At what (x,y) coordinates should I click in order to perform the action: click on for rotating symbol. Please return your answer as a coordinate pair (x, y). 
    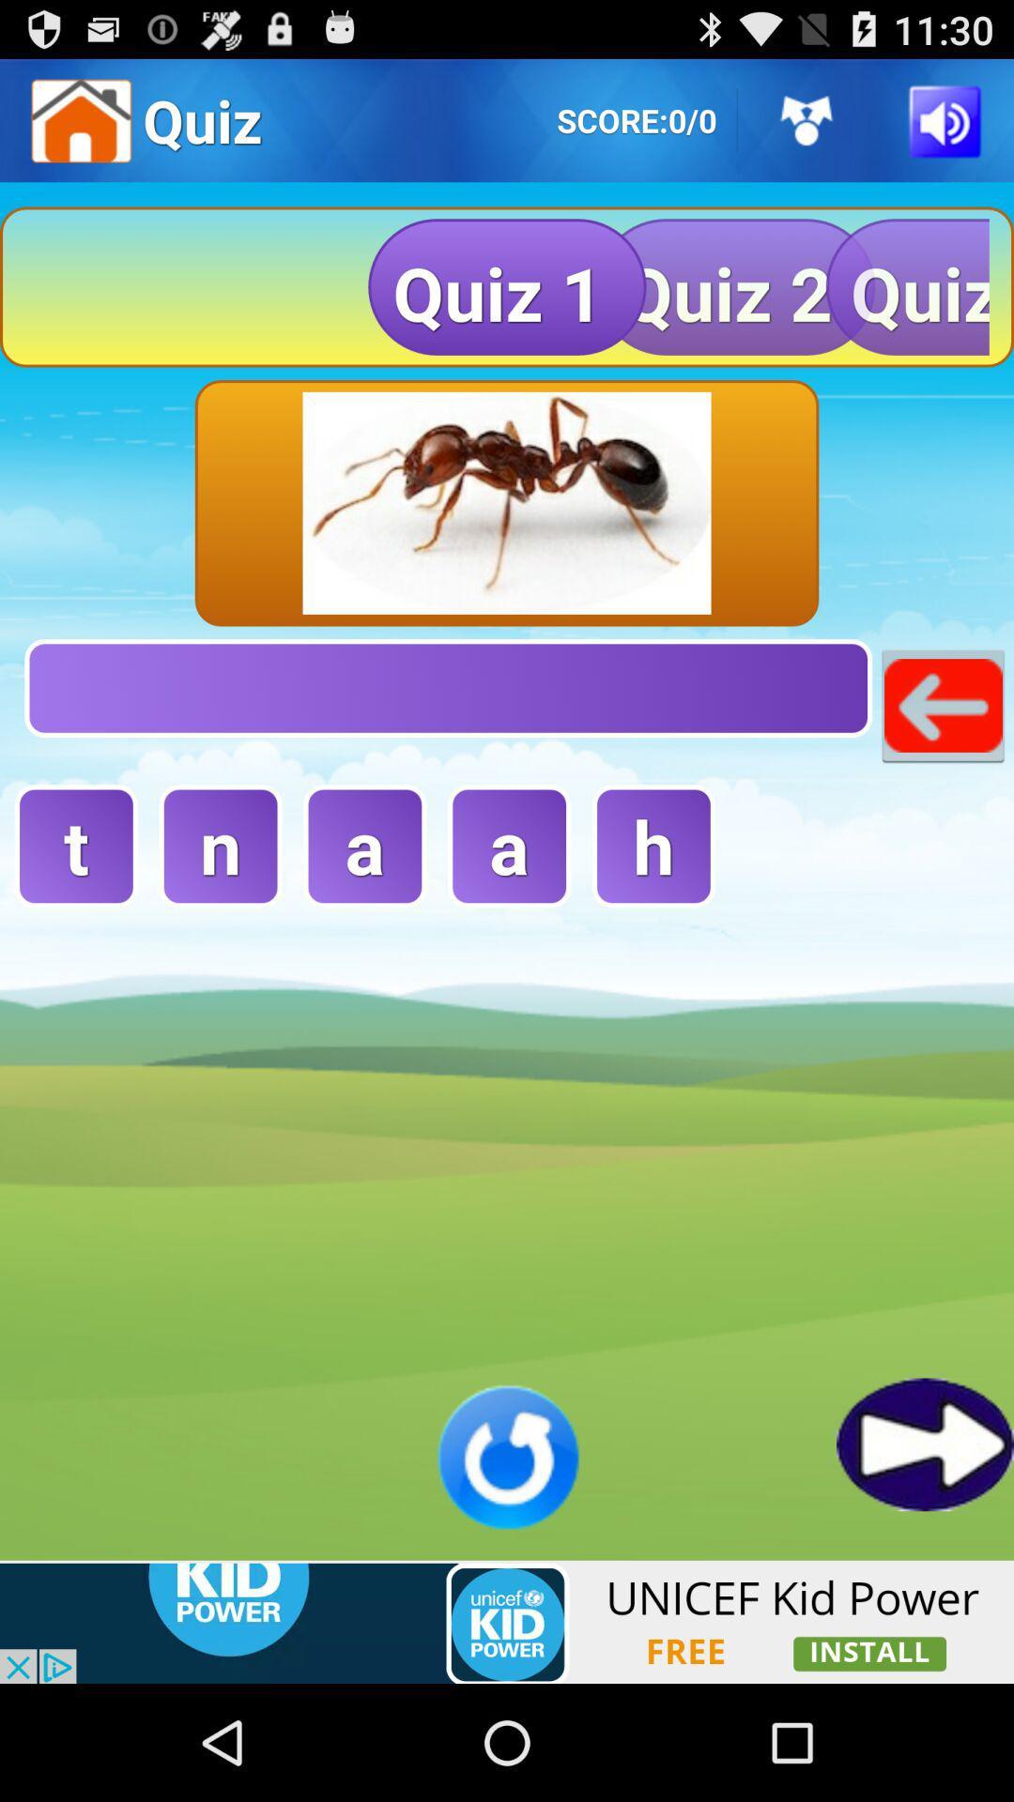
    Looking at the image, I should click on (507, 1456).